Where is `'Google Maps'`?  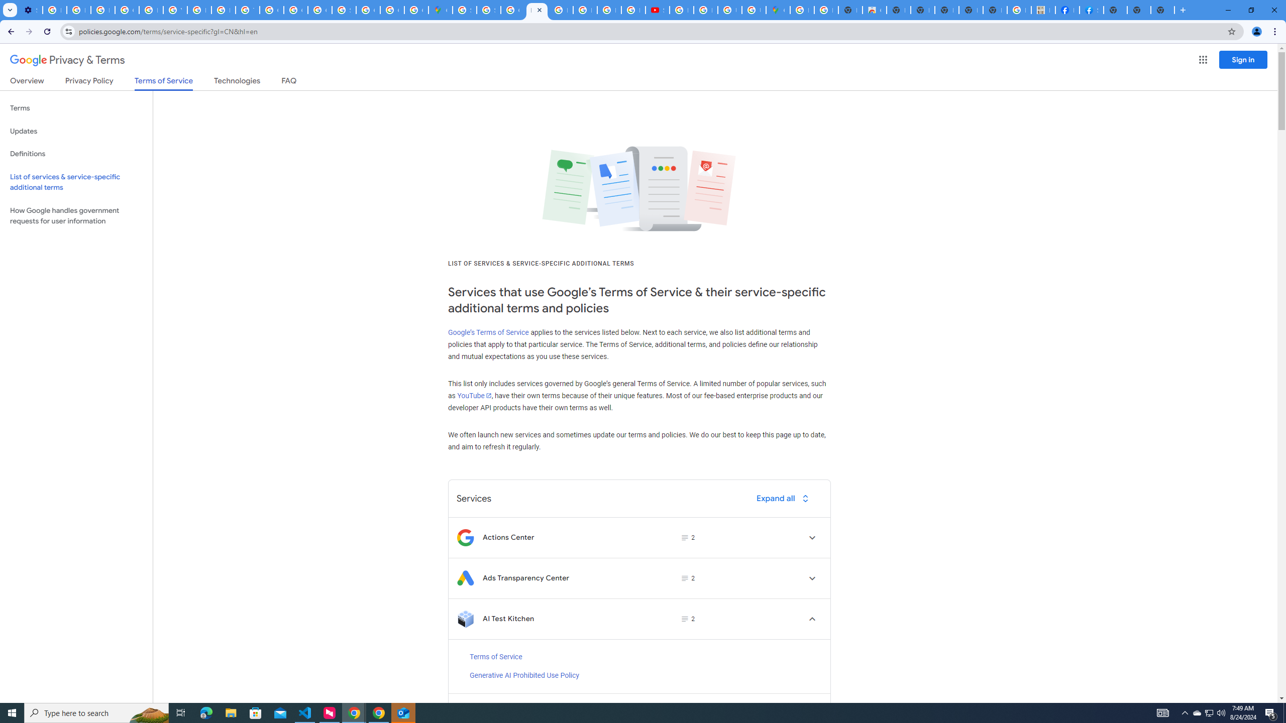
'Google Maps' is located at coordinates (440, 10).